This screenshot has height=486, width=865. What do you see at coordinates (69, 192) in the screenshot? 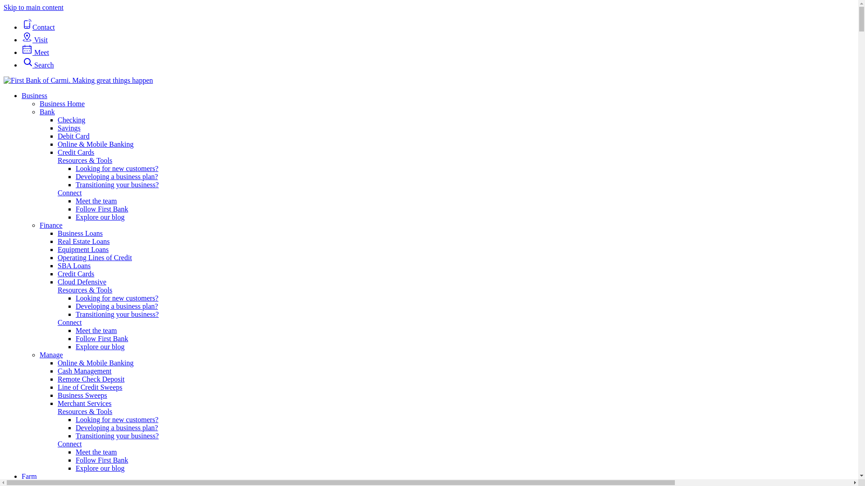
I see `'Connect'` at bounding box center [69, 192].